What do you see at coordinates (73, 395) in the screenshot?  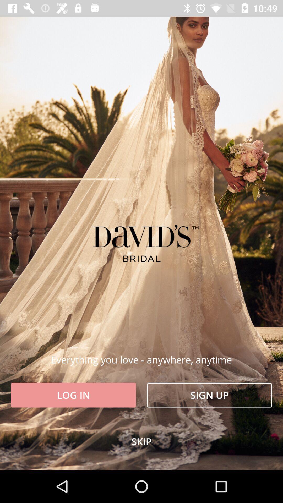 I see `the log in` at bounding box center [73, 395].